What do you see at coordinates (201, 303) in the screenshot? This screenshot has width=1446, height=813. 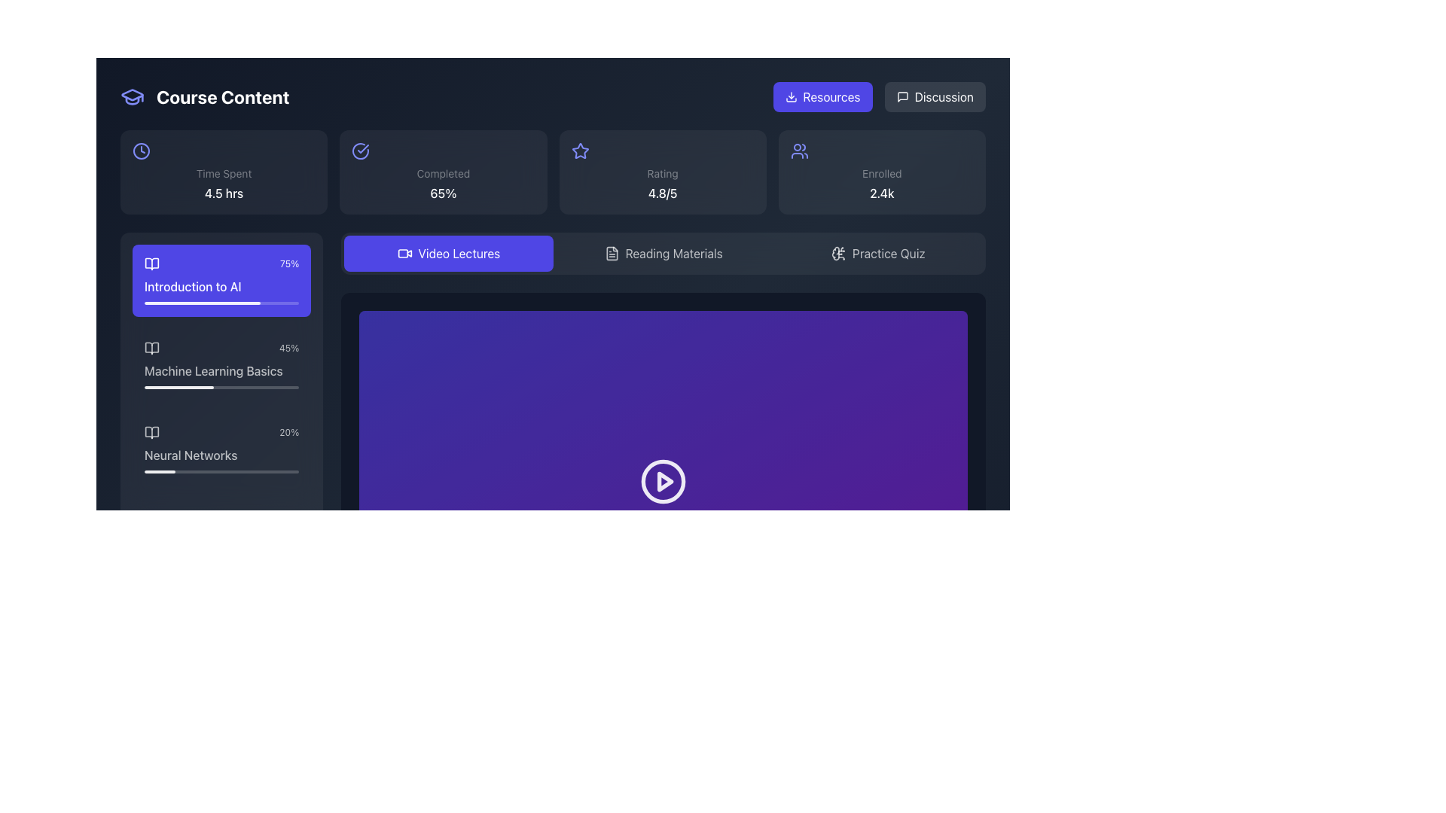 I see `the progress bar segment indicating 75% completion for the 'Introduction to AI' course module, located in the 'Course Content' layout` at bounding box center [201, 303].